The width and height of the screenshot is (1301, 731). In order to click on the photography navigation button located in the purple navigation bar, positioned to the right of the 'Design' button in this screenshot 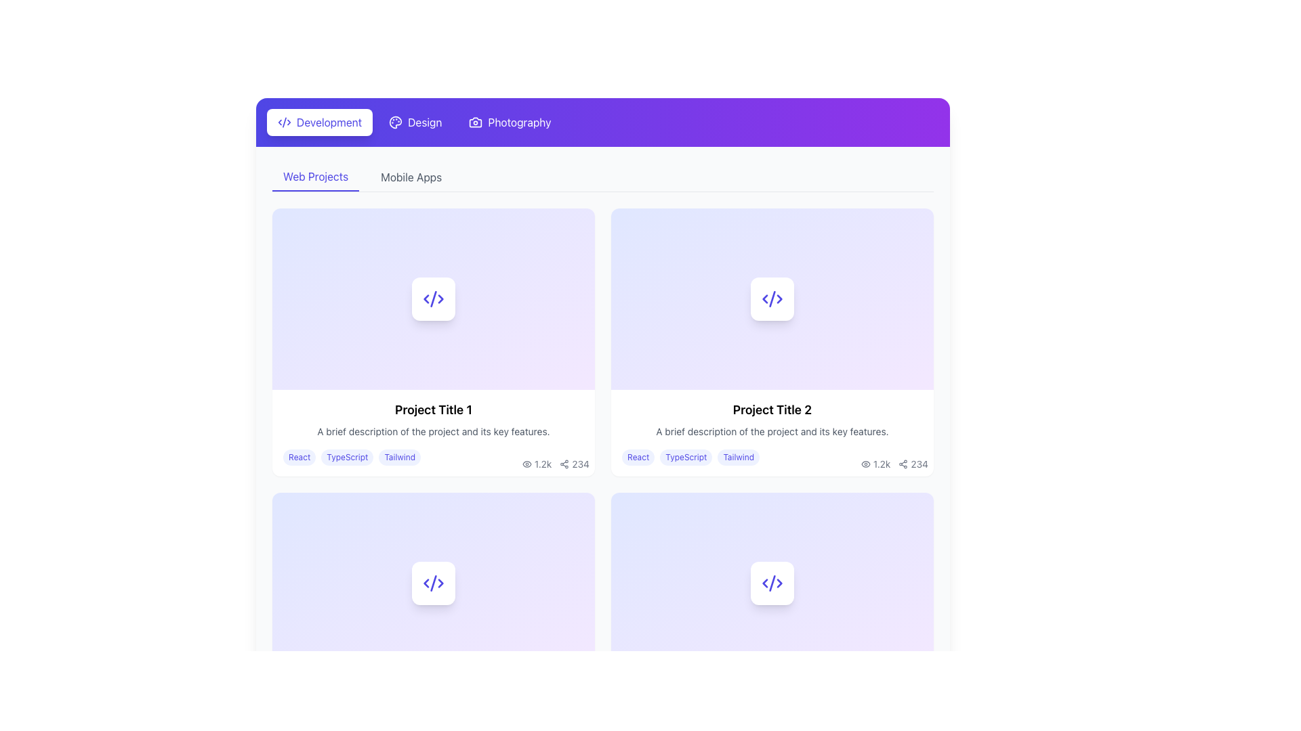, I will do `click(510, 123)`.